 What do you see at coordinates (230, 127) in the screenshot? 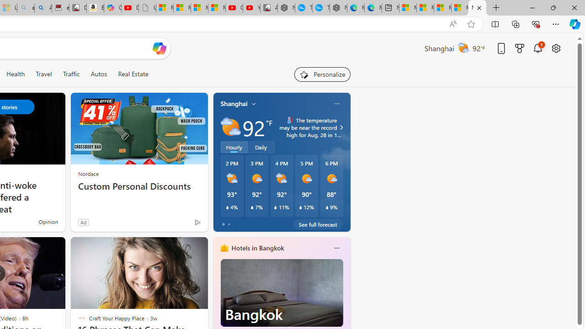
I see `'Partly sunny'` at bounding box center [230, 127].